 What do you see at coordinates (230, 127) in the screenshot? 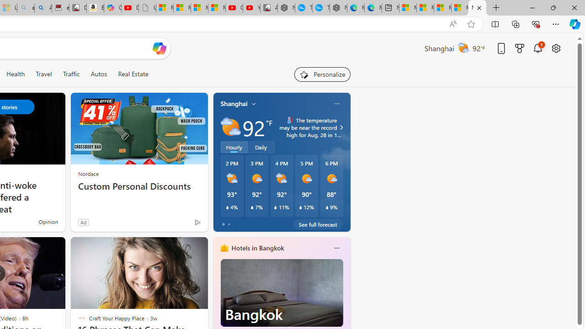
I see `'Partly sunny'` at bounding box center [230, 127].